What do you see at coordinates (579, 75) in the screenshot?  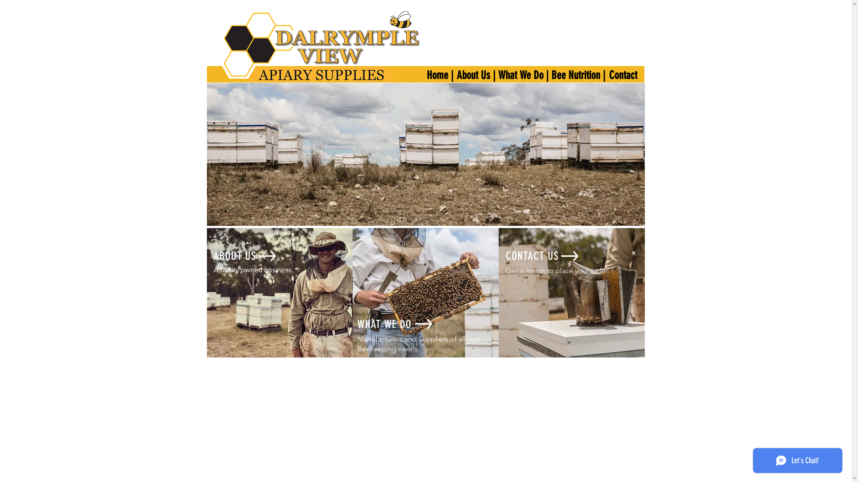 I see `'Bee Nutrition |'` at bounding box center [579, 75].